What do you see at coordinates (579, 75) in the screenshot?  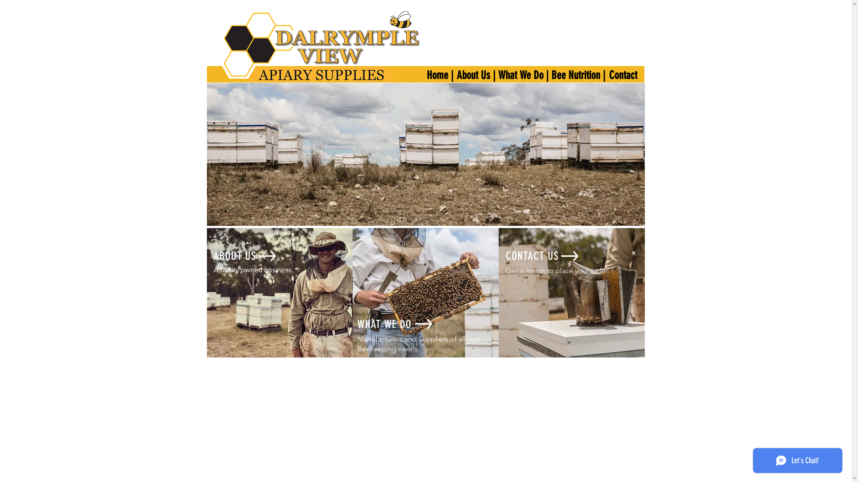 I see `'Bee Nutrition |'` at bounding box center [579, 75].